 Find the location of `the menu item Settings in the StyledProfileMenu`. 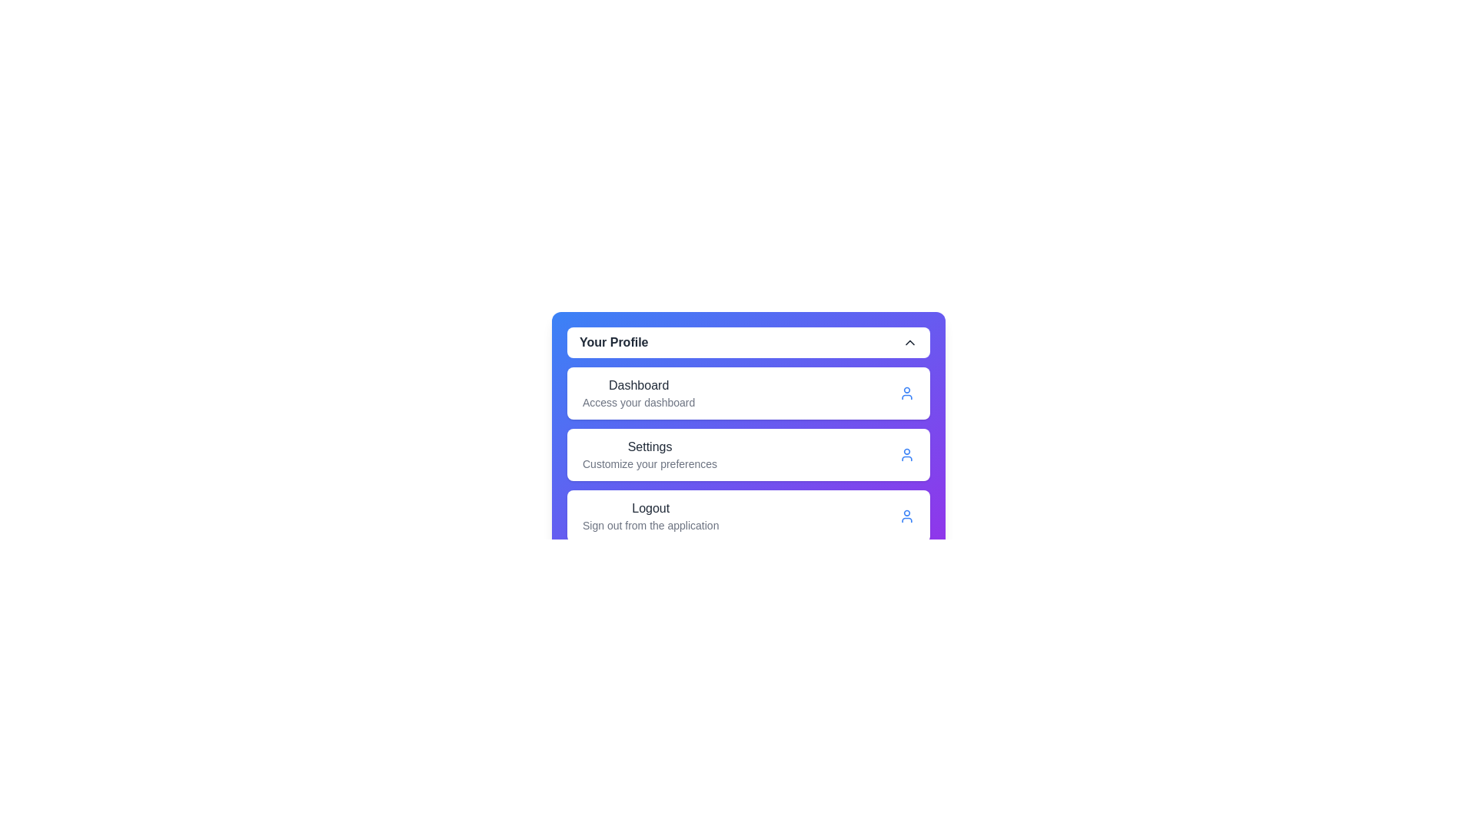

the menu item Settings in the StyledProfileMenu is located at coordinates (749, 453).